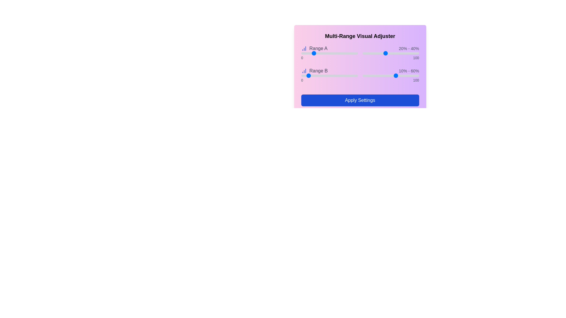  Describe the element at coordinates (416, 80) in the screenshot. I see `the static text display element showing the number '100', located at the bottom-right of the 'Range B' slider` at that location.